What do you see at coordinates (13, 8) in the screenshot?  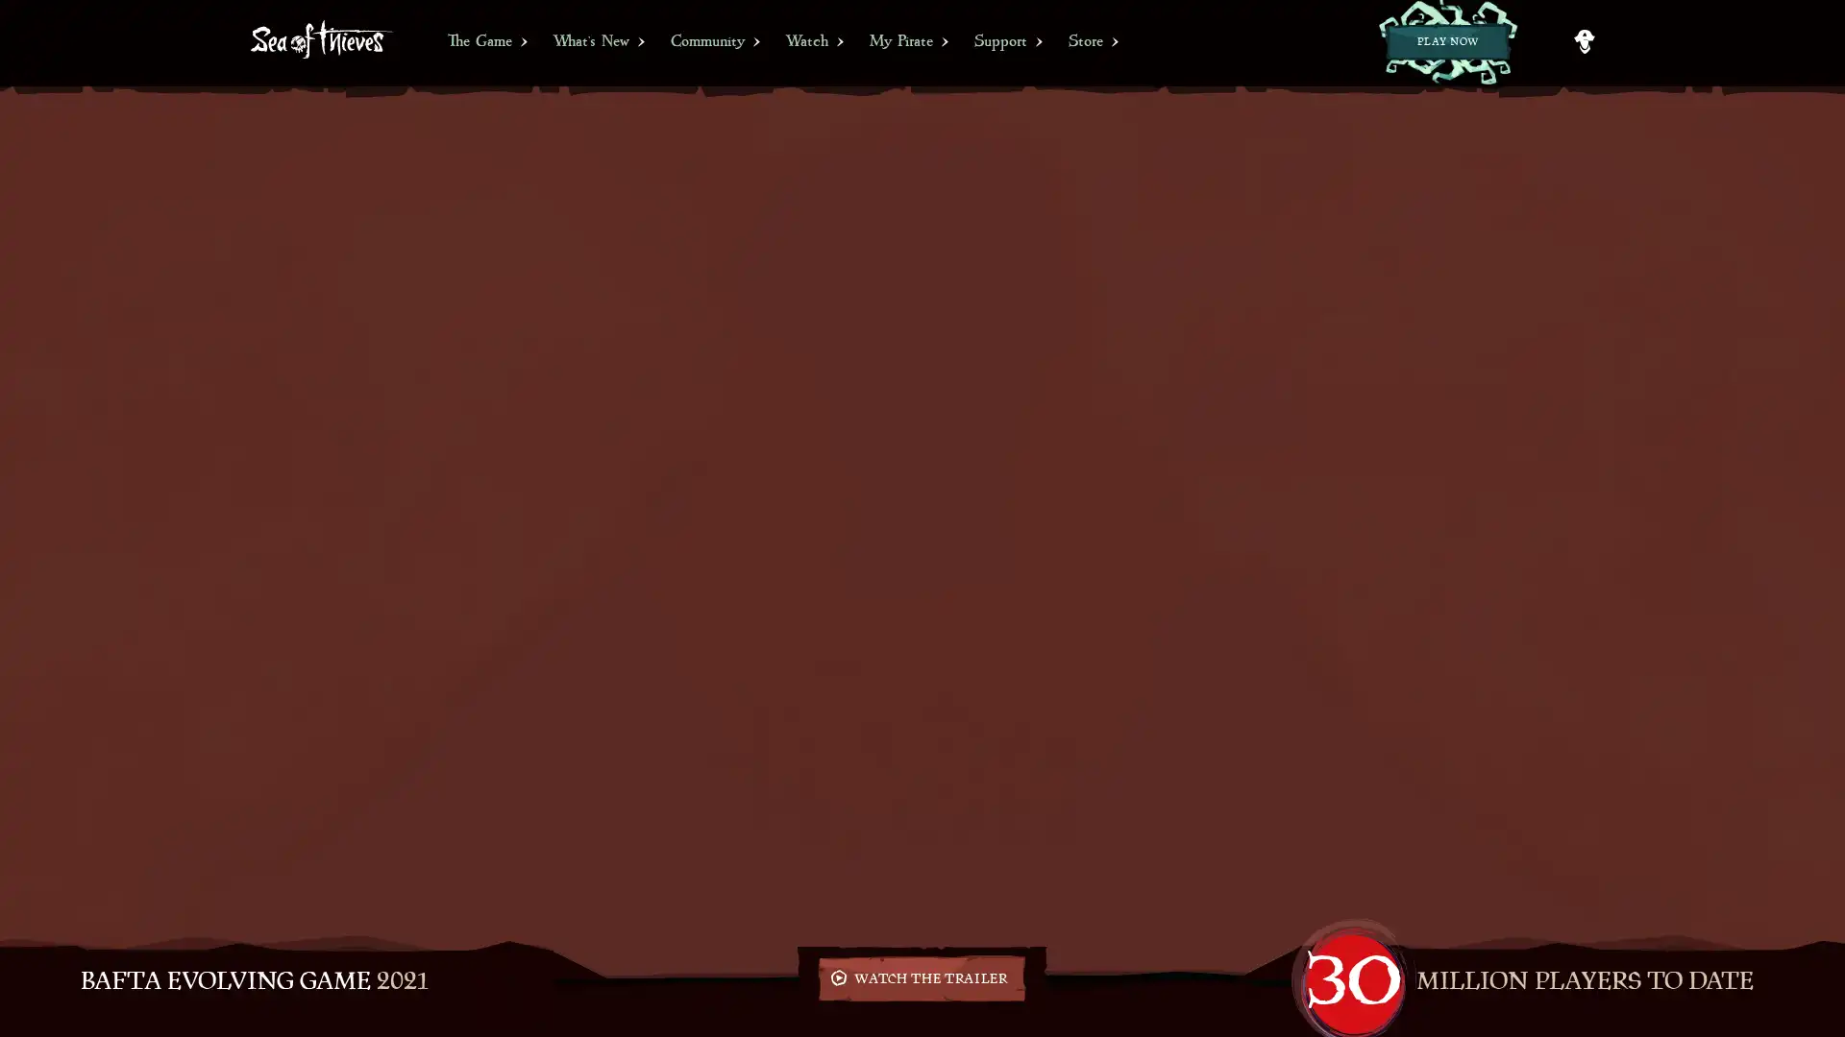 I see `Skip To Content` at bounding box center [13, 8].